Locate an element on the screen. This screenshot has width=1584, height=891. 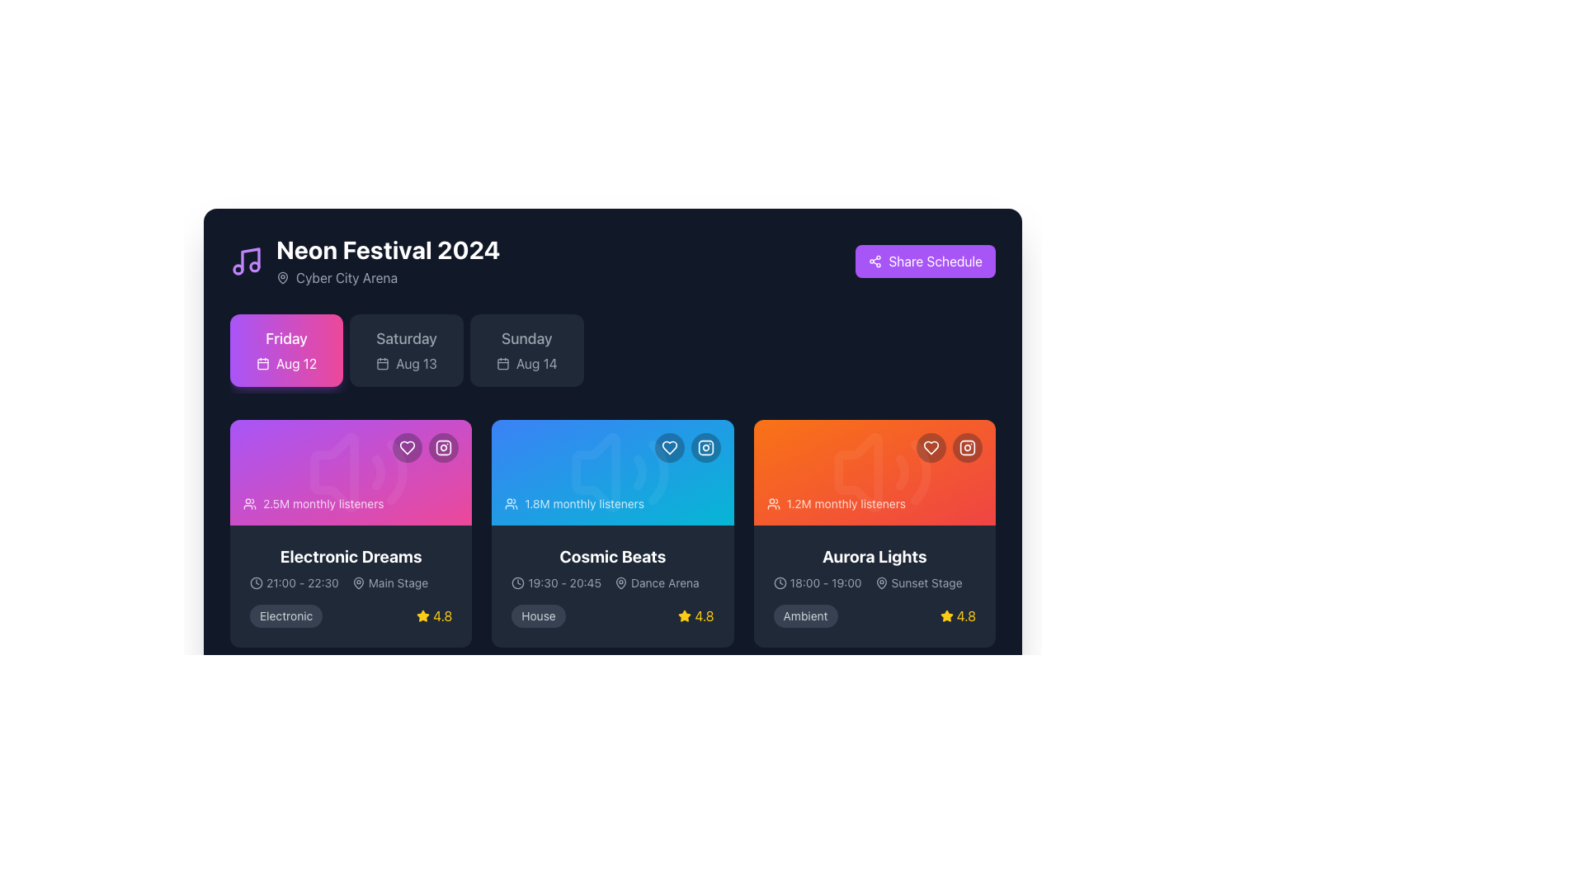
the Instagram logo button located in the top-right corner of the 'Aurora Lights' orange card is located at coordinates (967, 448).